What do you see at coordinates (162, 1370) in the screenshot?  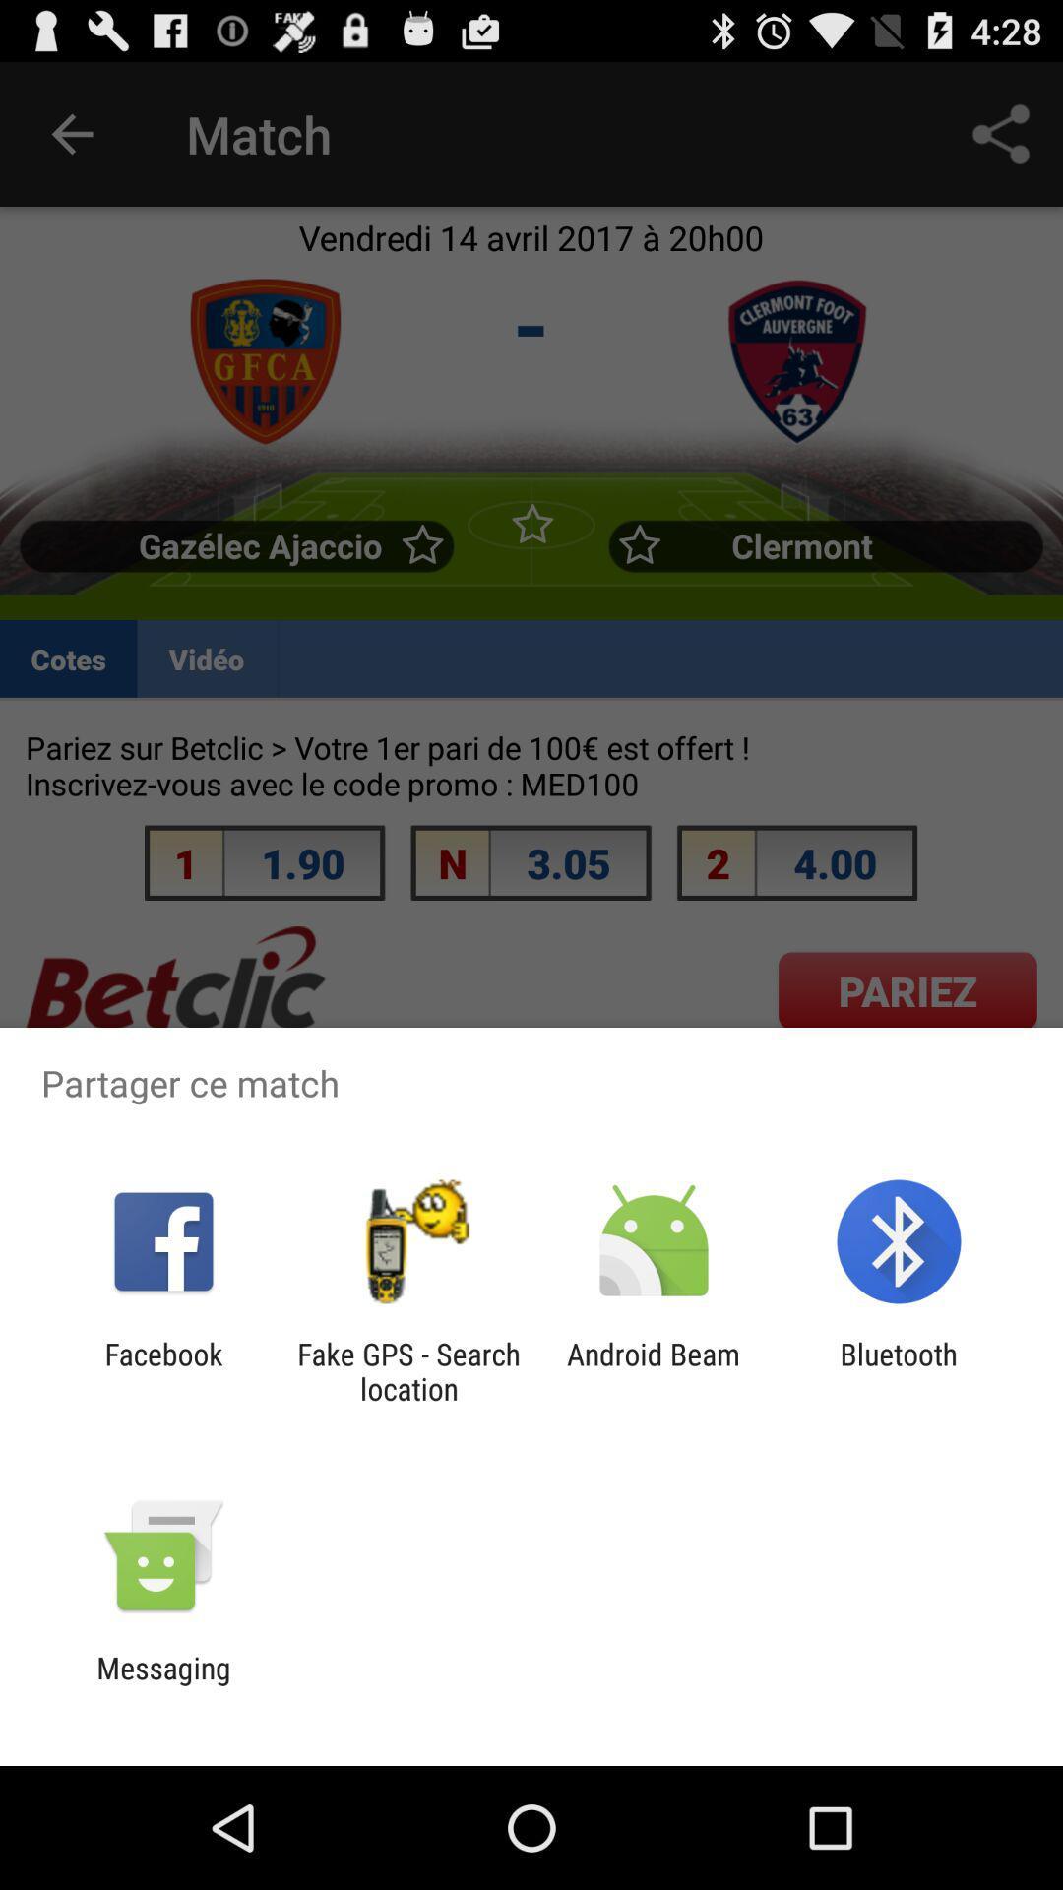 I see `the icon next to fake gps search` at bounding box center [162, 1370].